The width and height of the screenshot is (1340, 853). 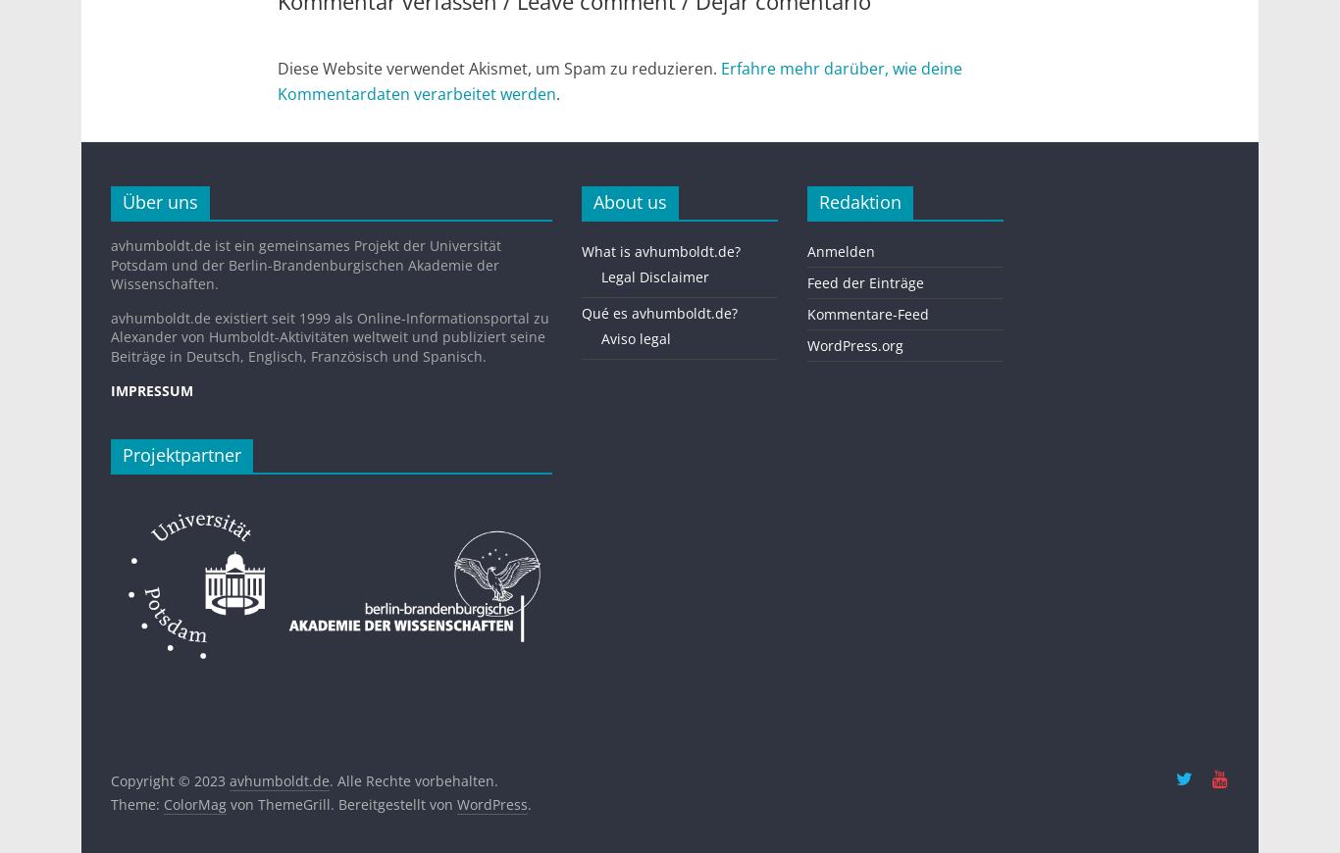 What do you see at coordinates (629, 201) in the screenshot?
I see `'About us'` at bounding box center [629, 201].